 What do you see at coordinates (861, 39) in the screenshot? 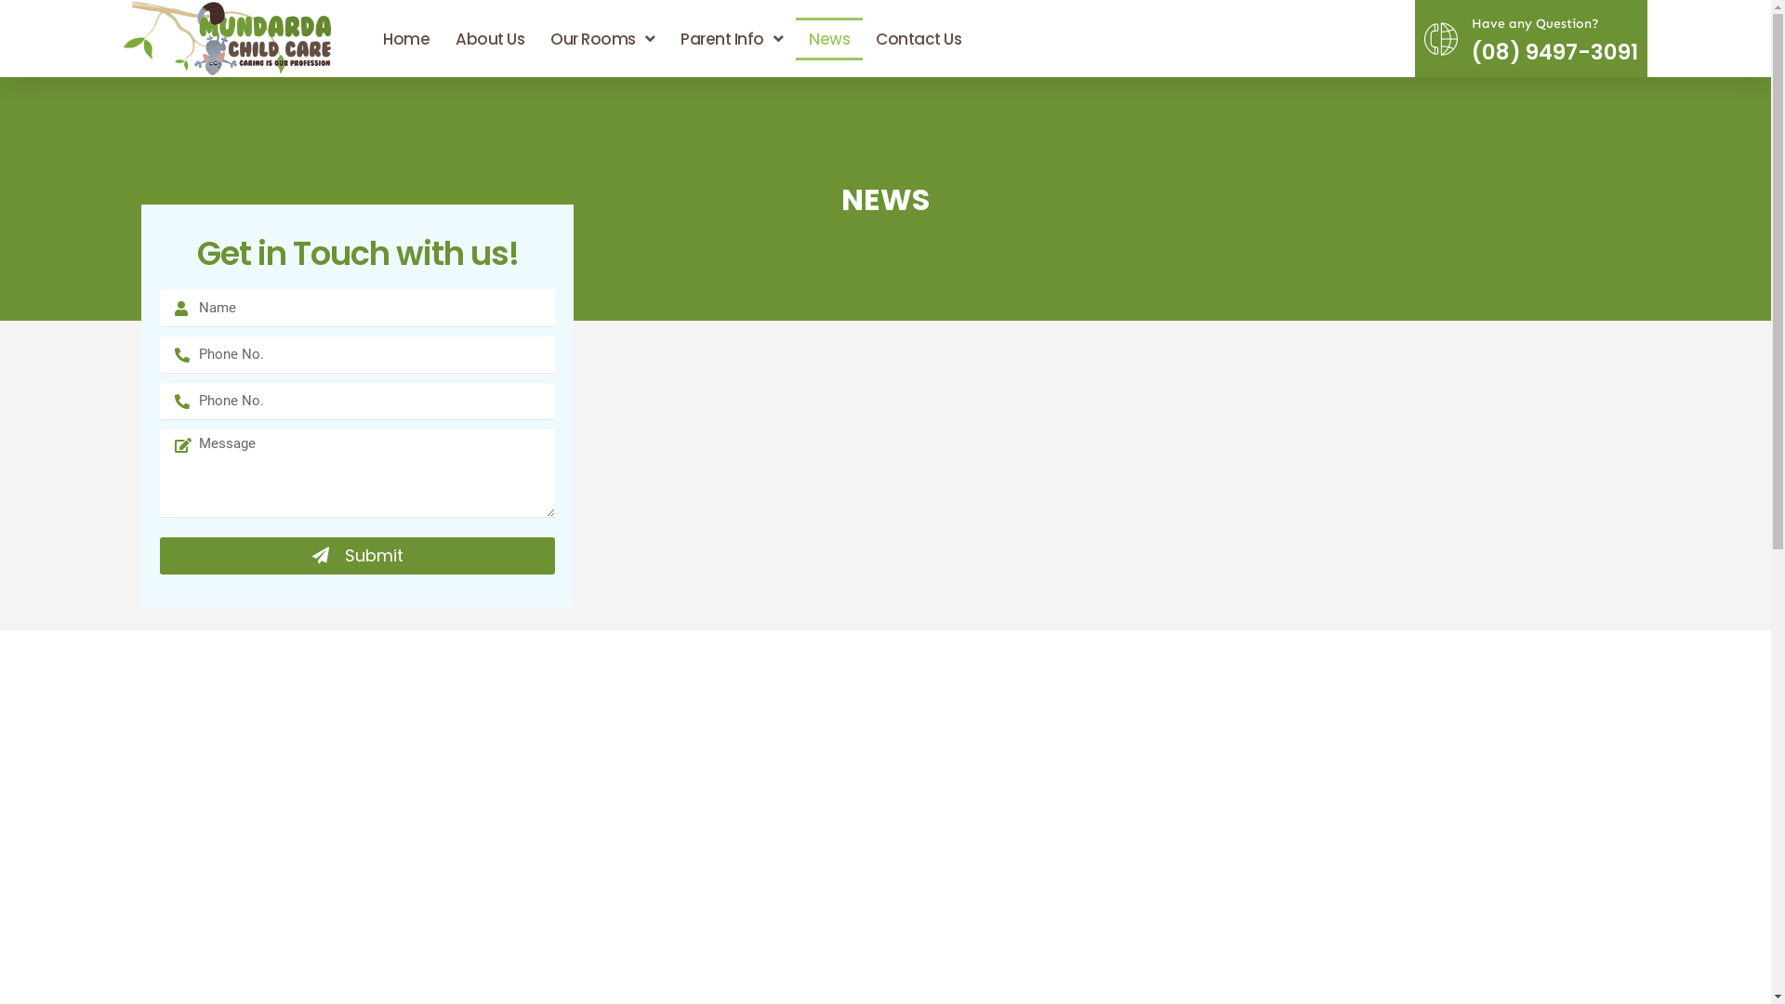
I see `'Contact Us'` at bounding box center [861, 39].